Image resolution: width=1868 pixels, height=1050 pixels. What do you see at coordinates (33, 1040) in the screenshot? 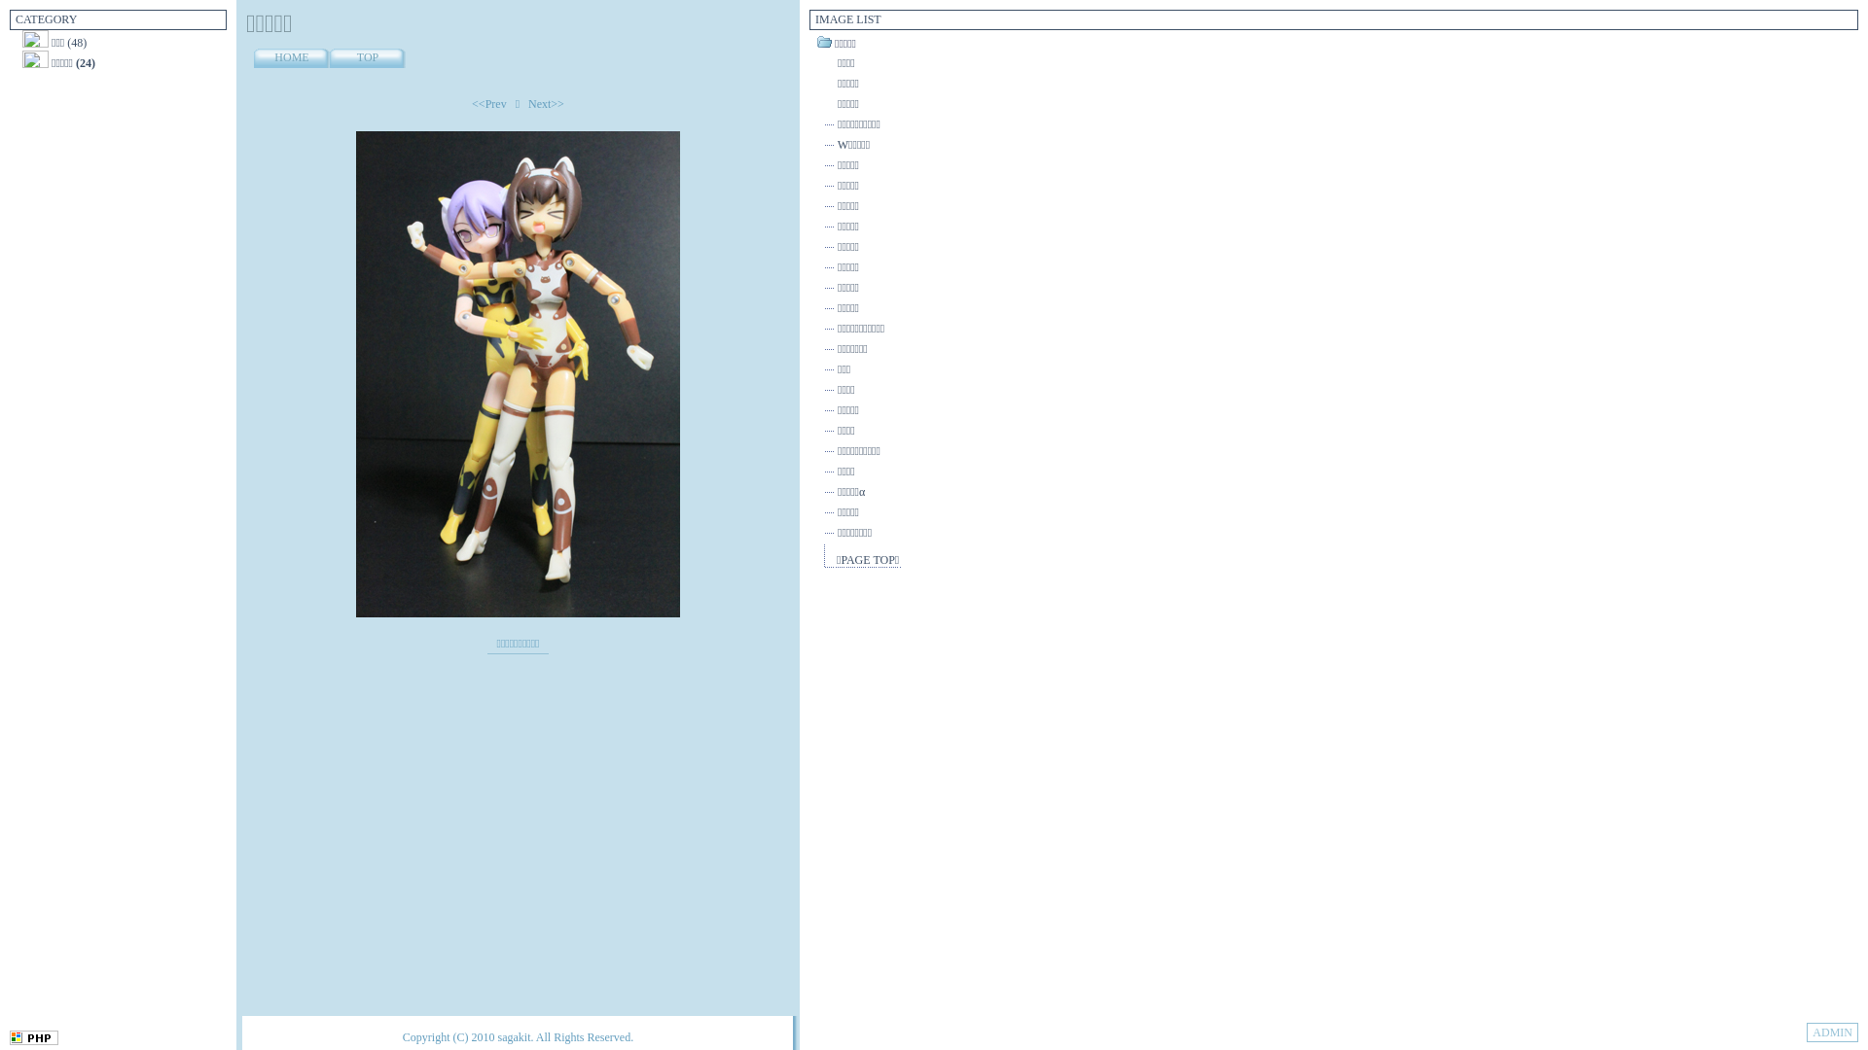
I see `'NiconicoPHP'` at bounding box center [33, 1040].